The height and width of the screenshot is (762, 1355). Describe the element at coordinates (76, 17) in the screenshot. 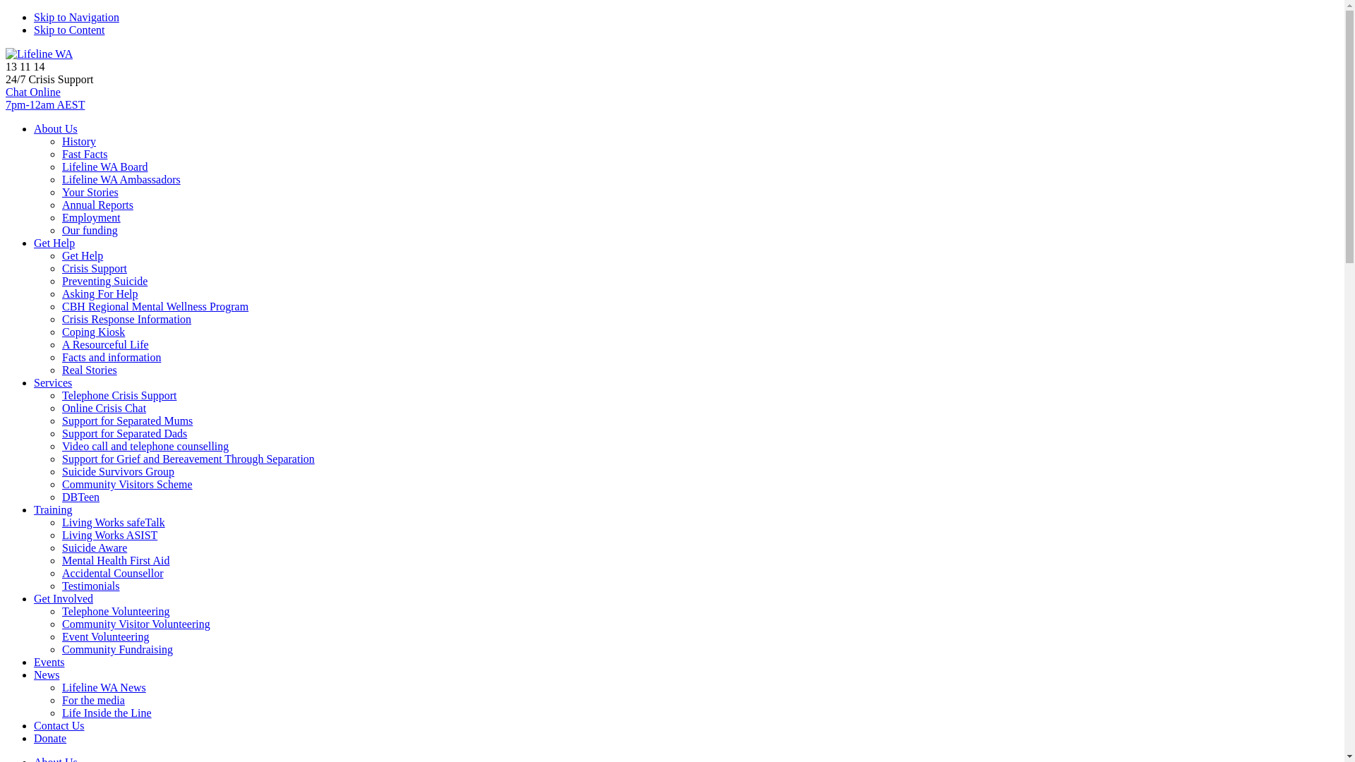

I see `'Skip to Navigation'` at that location.